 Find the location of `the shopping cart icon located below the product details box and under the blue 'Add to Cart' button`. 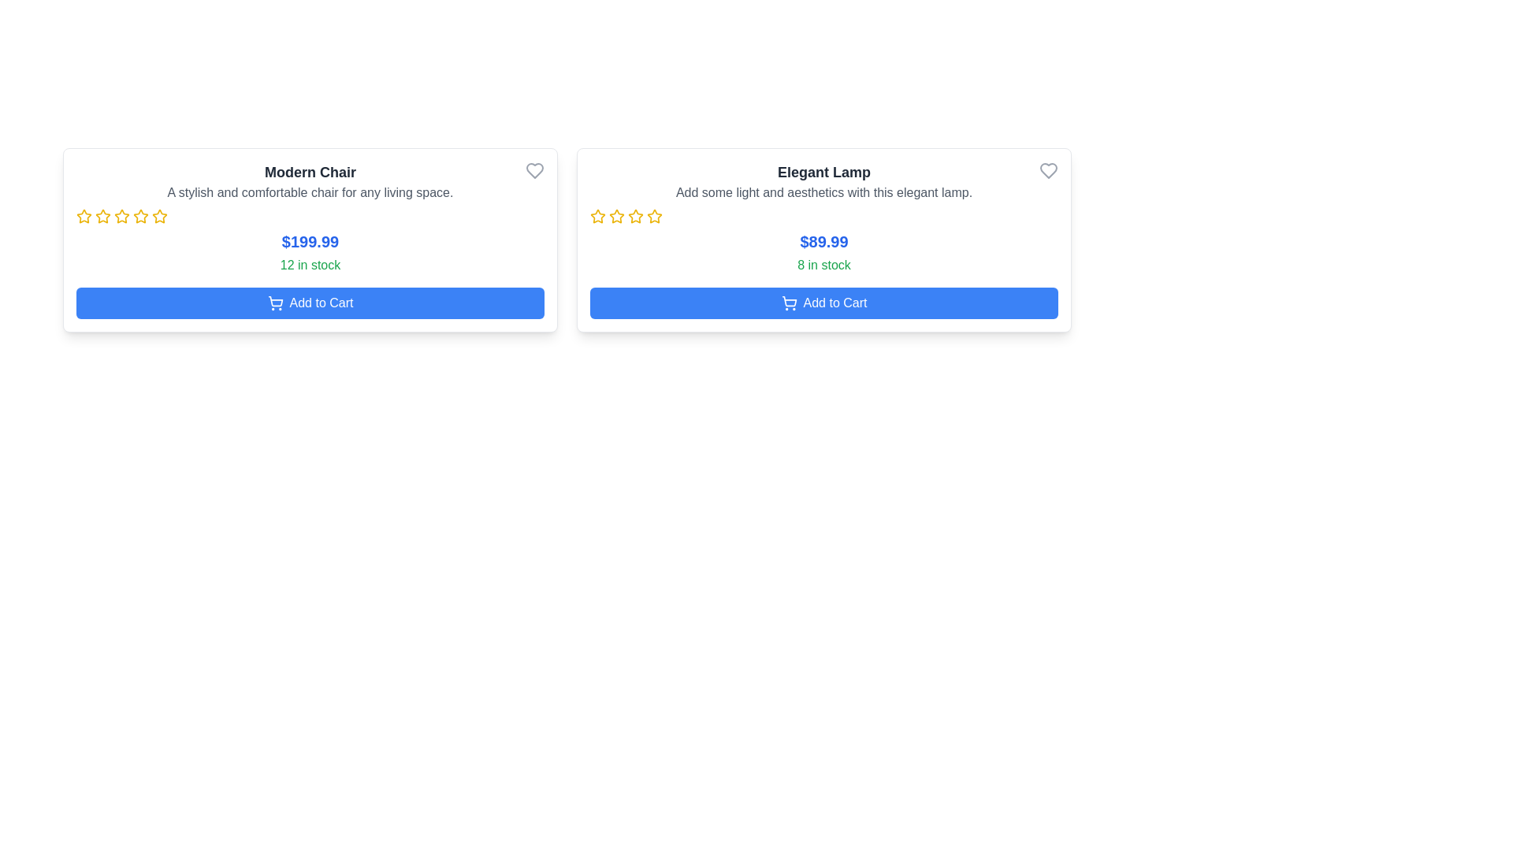

the shopping cart icon located below the product details box and under the blue 'Add to Cart' button is located at coordinates (275, 301).